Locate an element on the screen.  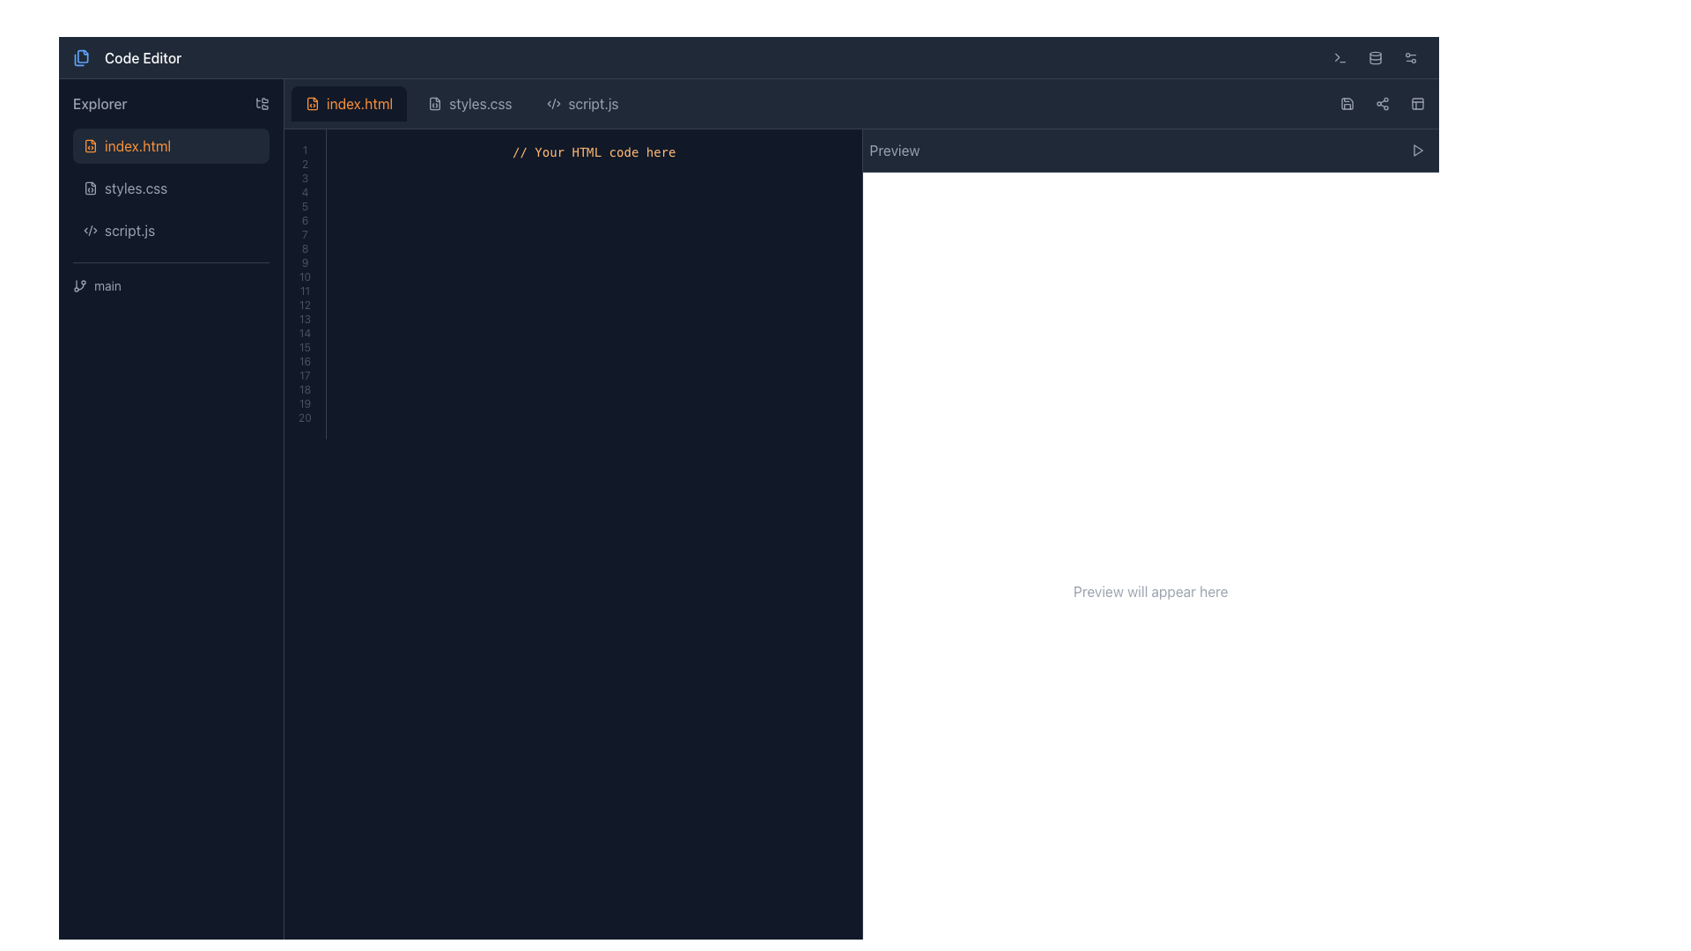
the text label displaying the number '15' located on the left side of the editor in the vertical number list by clicking on its corresponding line is located at coordinates (305, 347).